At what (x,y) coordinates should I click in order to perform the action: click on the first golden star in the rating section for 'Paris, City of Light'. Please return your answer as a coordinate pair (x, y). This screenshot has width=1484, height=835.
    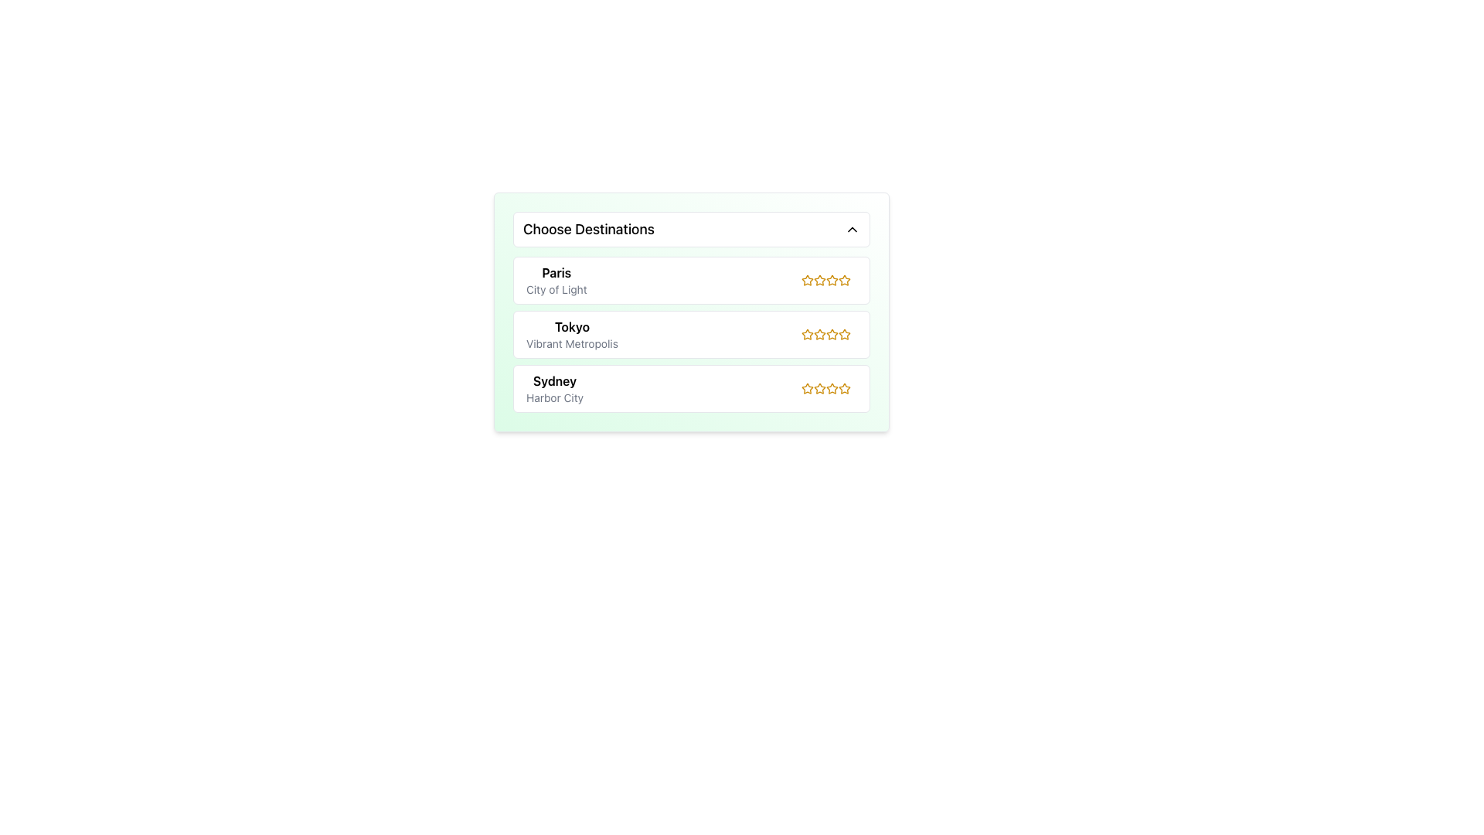
    Looking at the image, I should click on (844, 280).